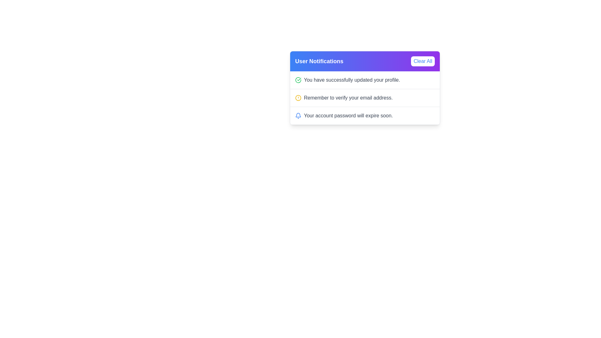 The height and width of the screenshot is (338, 601). Describe the element at coordinates (348, 98) in the screenshot. I see `the Text Label displaying 'Remember to verify your email address.' in the User Notifications card layout` at that location.